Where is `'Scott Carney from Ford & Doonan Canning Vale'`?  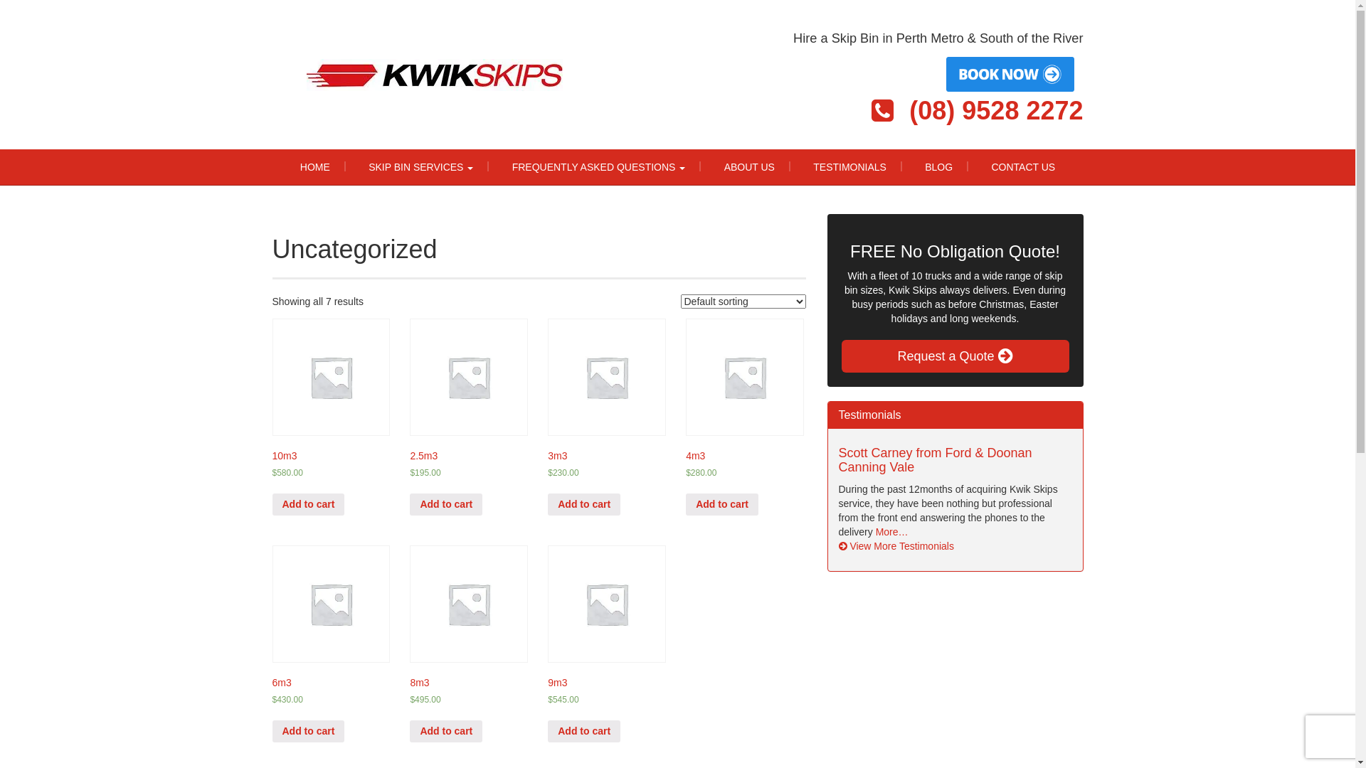
'Scott Carney from Ford & Doonan Canning Vale' is located at coordinates (935, 460).